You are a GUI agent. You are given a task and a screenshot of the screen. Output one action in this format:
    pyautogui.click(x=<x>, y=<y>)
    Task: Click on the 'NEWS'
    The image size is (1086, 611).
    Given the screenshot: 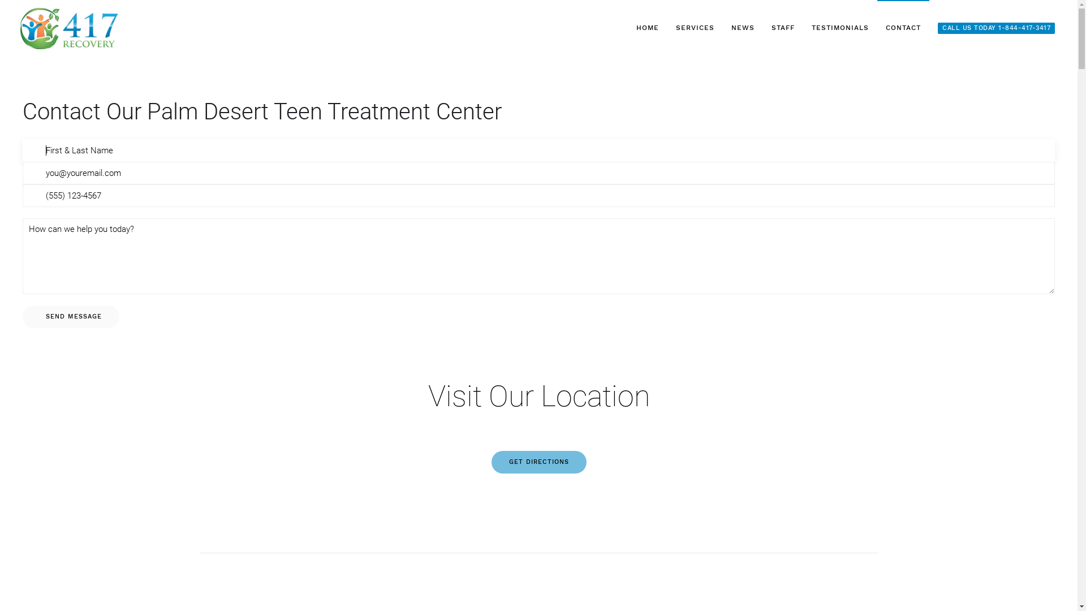 What is the action you would take?
    pyautogui.click(x=722, y=28)
    